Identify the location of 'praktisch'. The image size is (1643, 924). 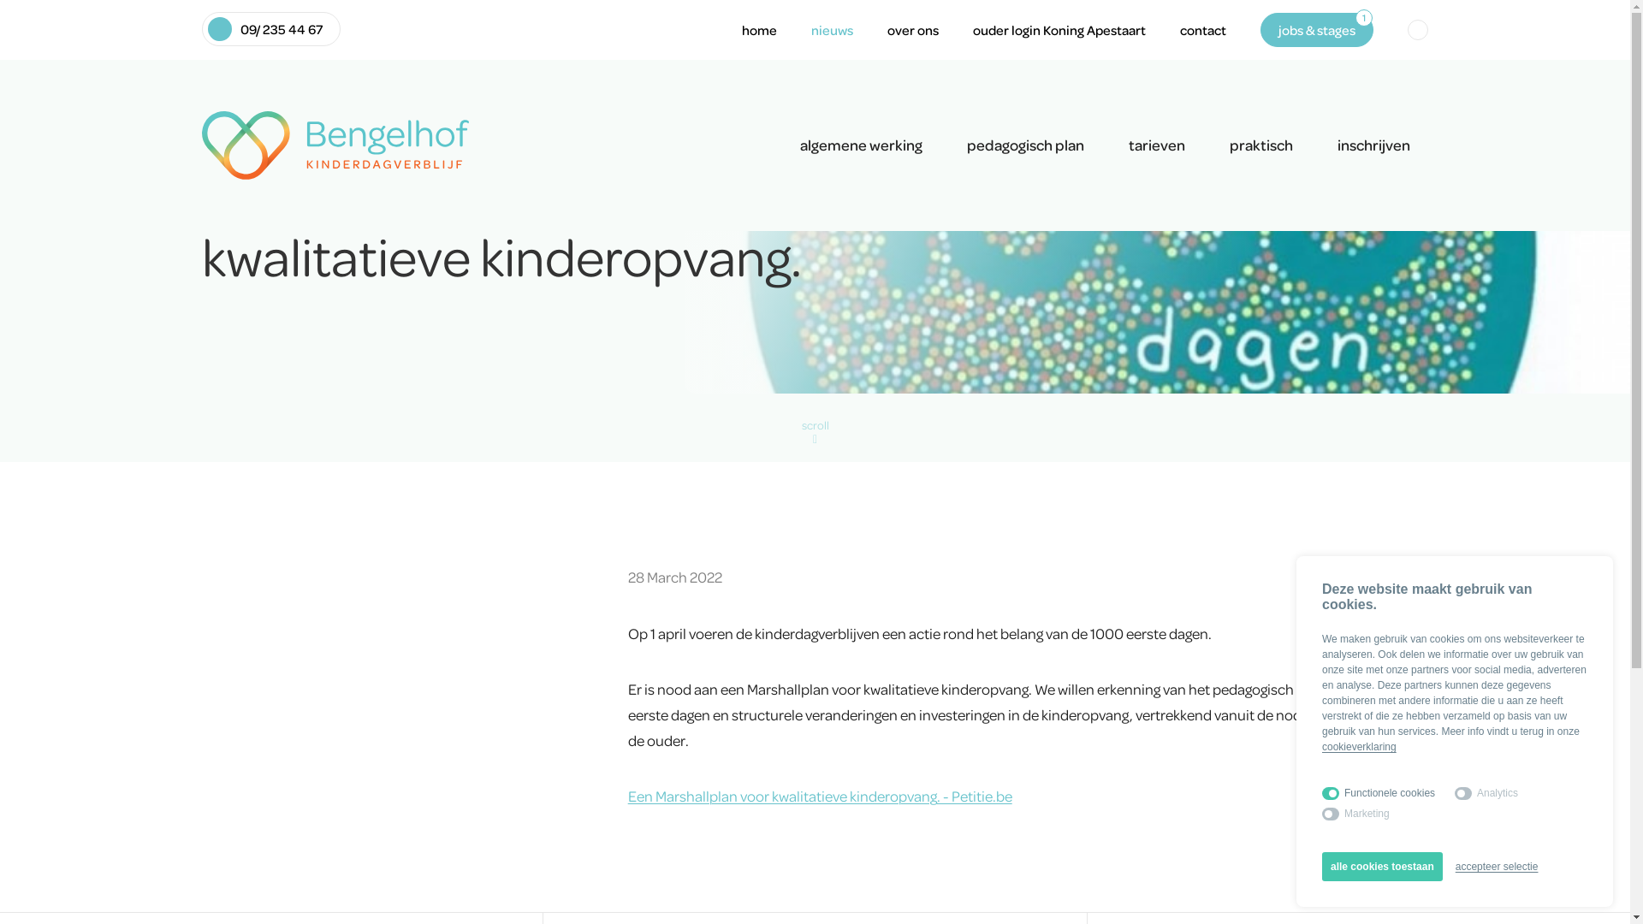
(1260, 144).